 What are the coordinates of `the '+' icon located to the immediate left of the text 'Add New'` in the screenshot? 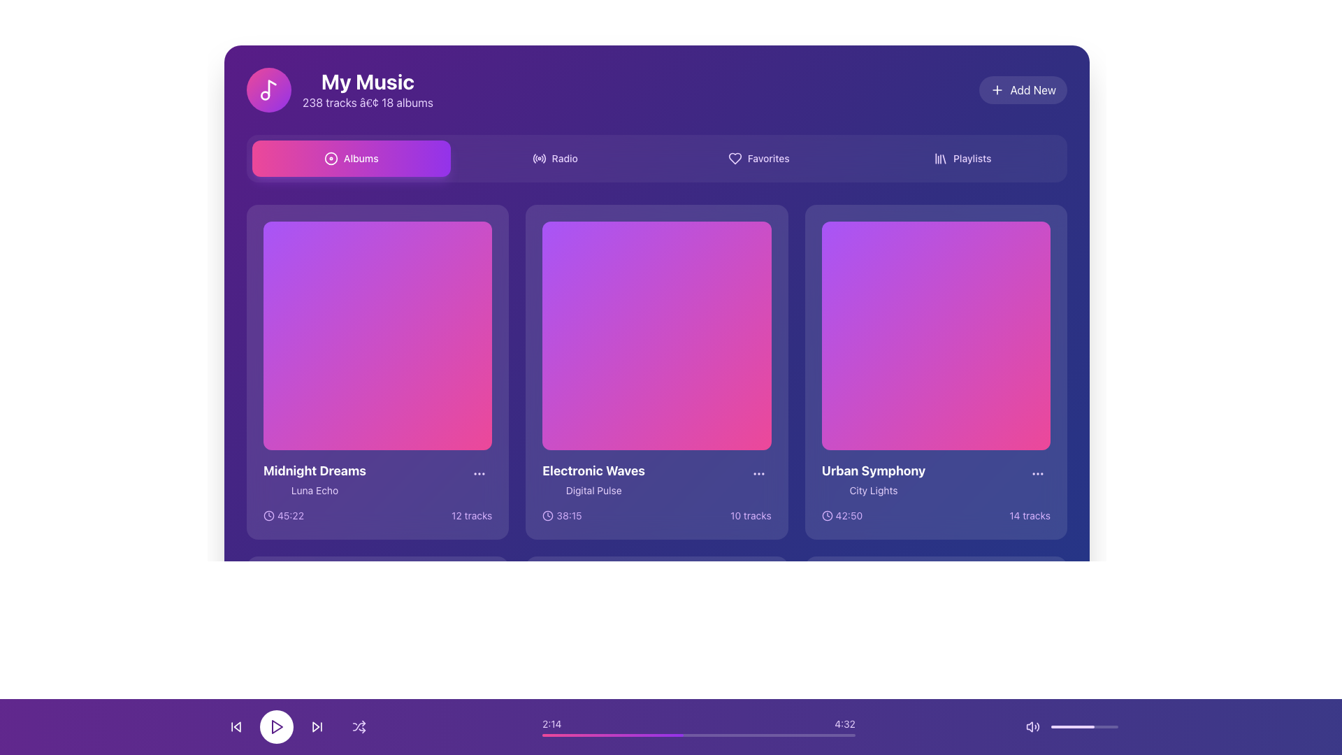 It's located at (997, 89).